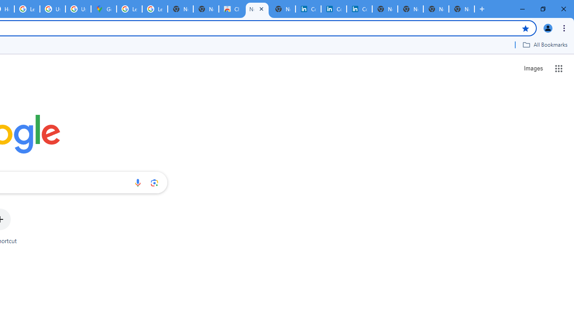 The height and width of the screenshot is (323, 574). Describe the element at coordinates (359, 9) in the screenshot. I see `'Copyright Policy'` at that location.